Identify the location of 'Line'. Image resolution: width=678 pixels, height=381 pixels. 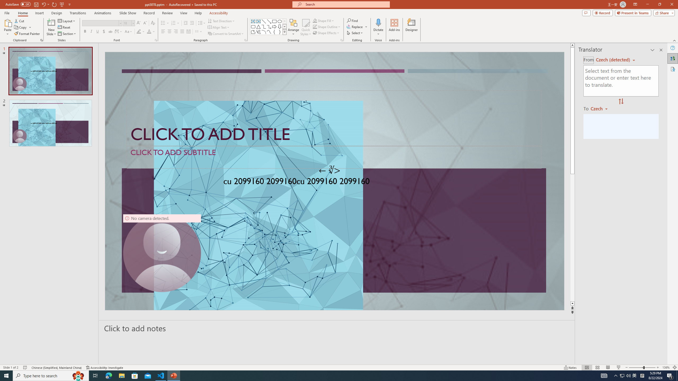
(263, 21).